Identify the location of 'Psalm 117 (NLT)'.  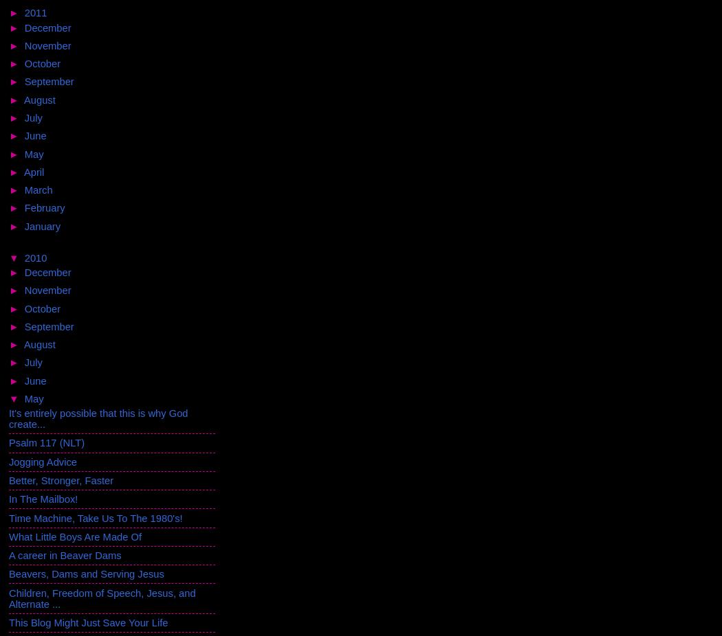
(46, 442).